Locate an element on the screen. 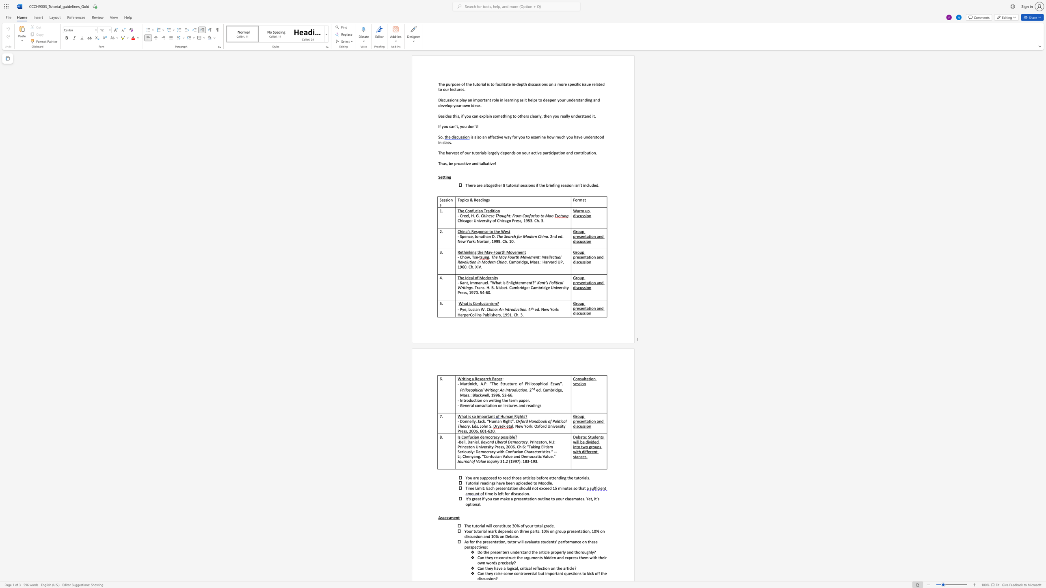 The height and width of the screenshot is (588, 1046). the subset text "eral Democr" within the text "Beyond Liberal Democracy" is located at coordinates (500, 442).